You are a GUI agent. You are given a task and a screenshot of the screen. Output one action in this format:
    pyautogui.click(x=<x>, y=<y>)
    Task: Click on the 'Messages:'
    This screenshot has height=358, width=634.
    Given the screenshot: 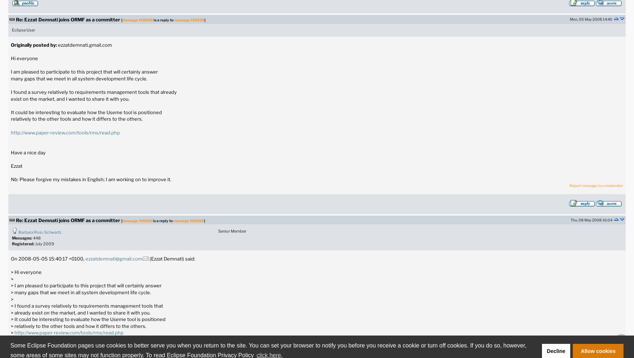 What is the action you would take?
    pyautogui.click(x=22, y=237)
    